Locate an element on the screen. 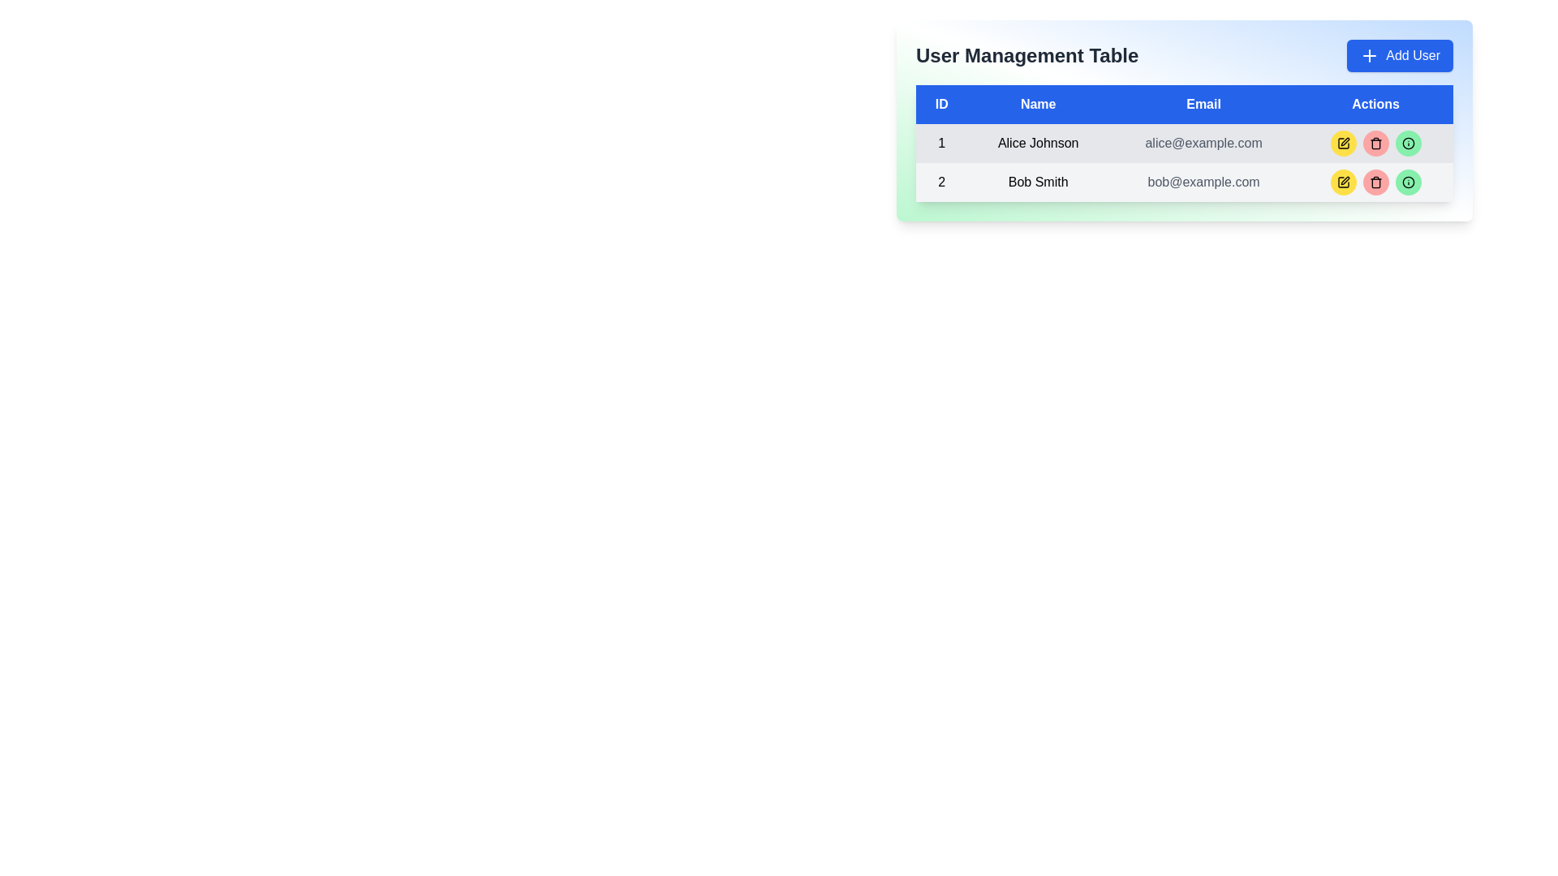 The image size is (1558, 876). the edit button in the actions column of the first row of the user table is located at coordinates (1343, 143).